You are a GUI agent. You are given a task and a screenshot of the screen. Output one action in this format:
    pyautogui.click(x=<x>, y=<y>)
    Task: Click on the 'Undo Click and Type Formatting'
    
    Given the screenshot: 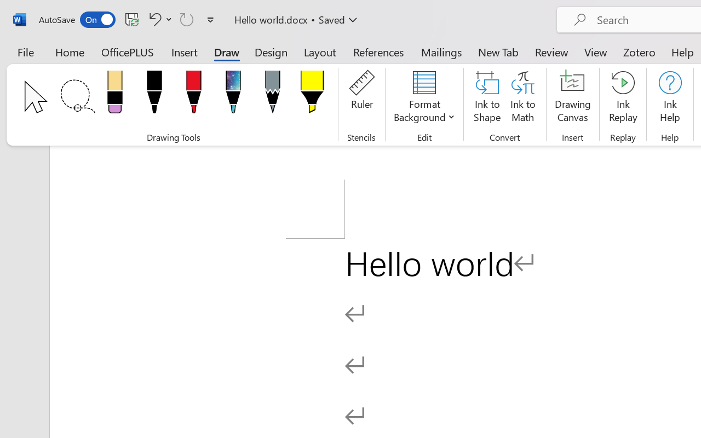 What is the action you would take?
    pyautogui.click(x=158, y=19)
    